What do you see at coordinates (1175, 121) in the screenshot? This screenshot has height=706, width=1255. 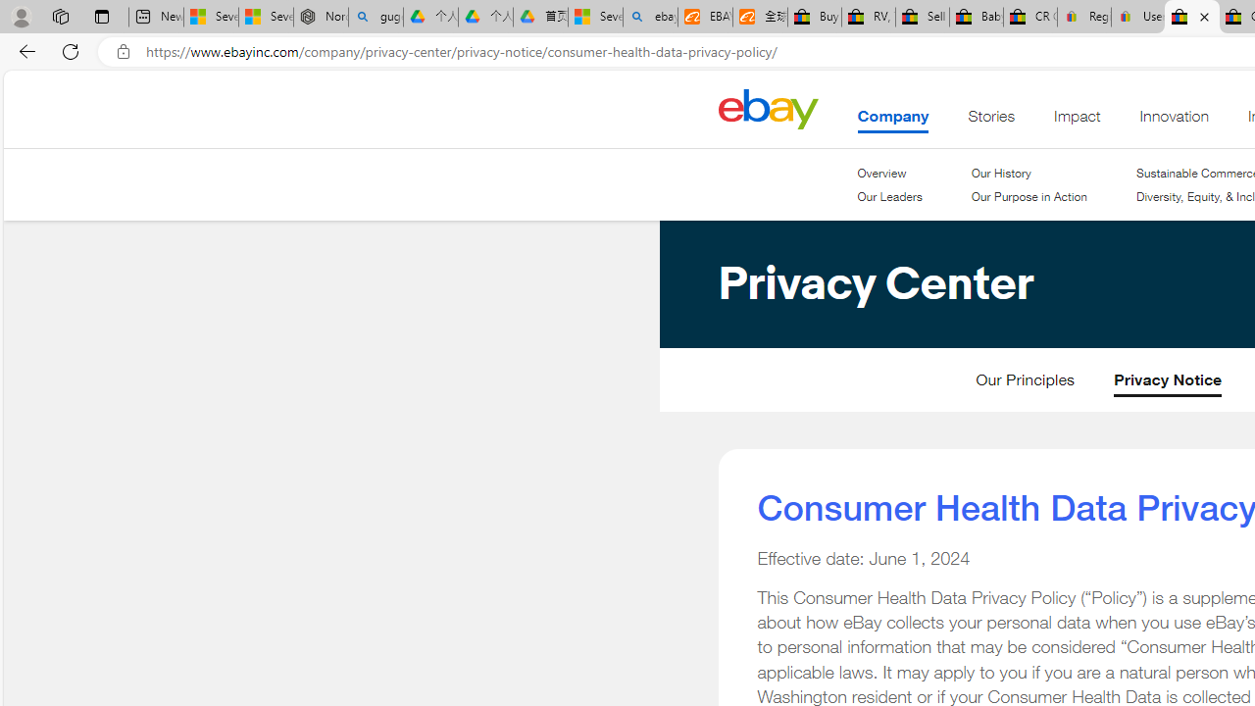 I see `'Innovation'` at bounding box center [1175, 121].